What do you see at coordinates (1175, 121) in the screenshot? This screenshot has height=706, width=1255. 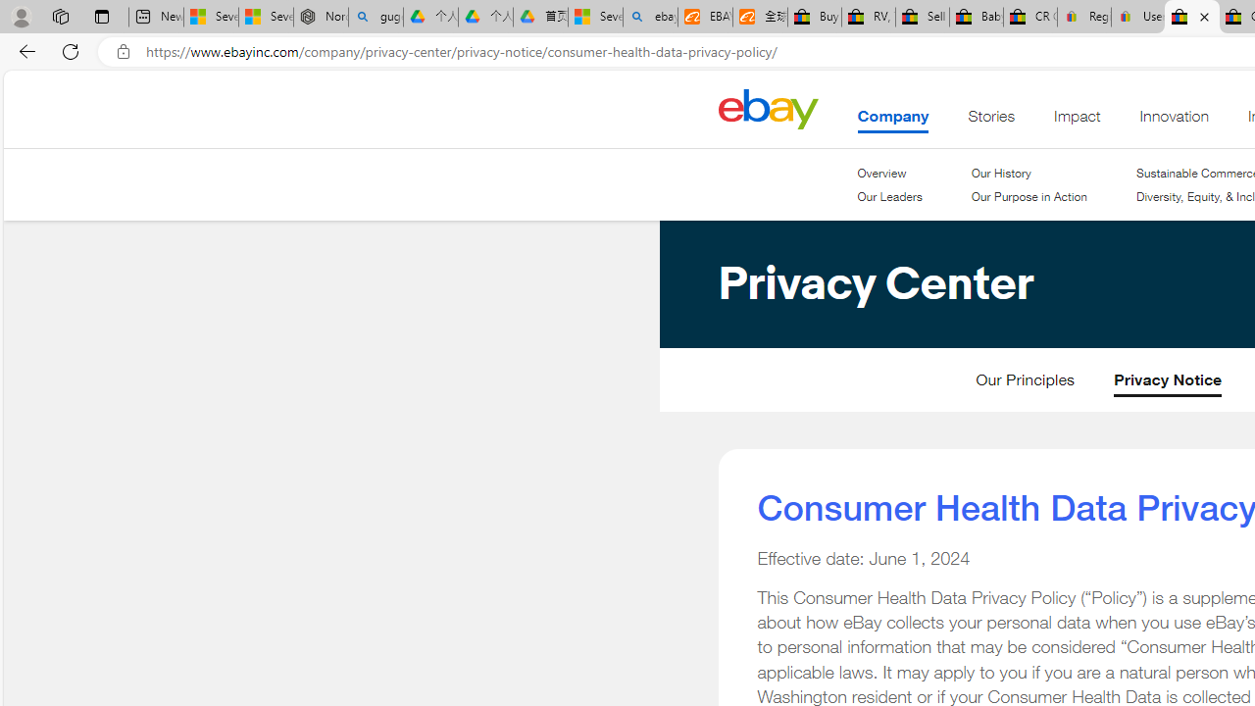 I see `'Innovation'` at bounding box center [1175, 121].